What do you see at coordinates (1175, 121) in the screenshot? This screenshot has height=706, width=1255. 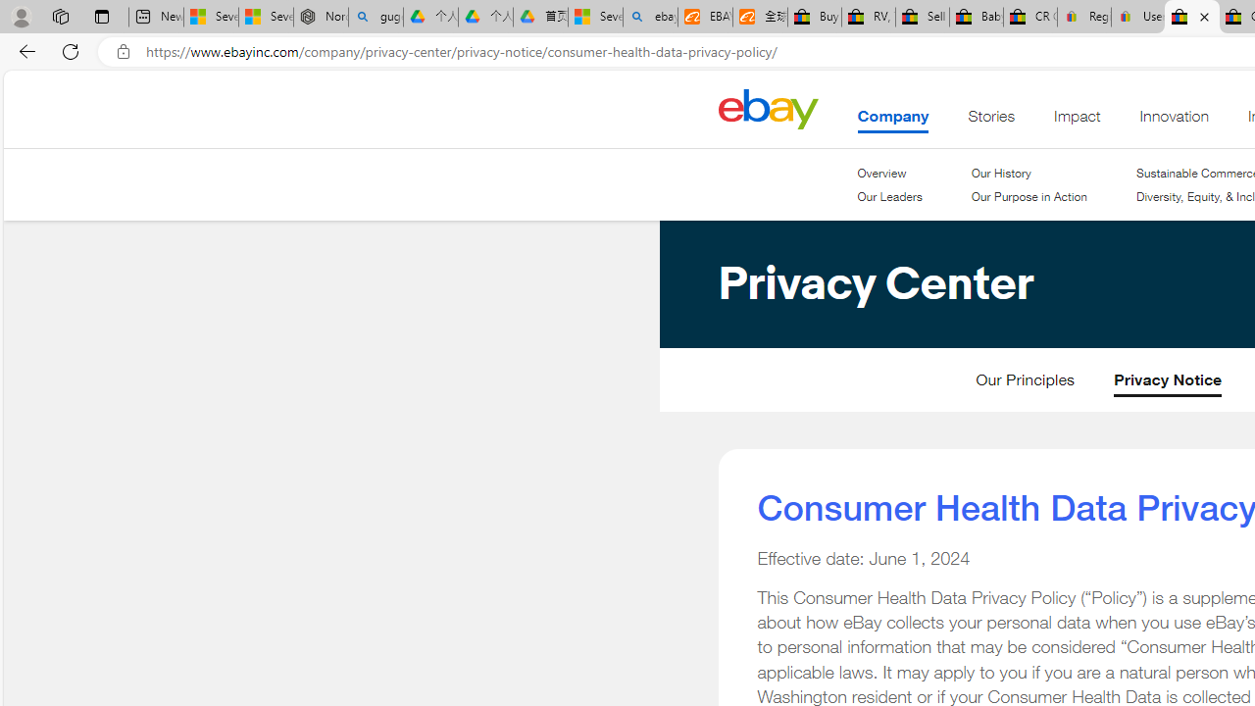 I see `'Innovation'` at bounding box center [1175, 121].